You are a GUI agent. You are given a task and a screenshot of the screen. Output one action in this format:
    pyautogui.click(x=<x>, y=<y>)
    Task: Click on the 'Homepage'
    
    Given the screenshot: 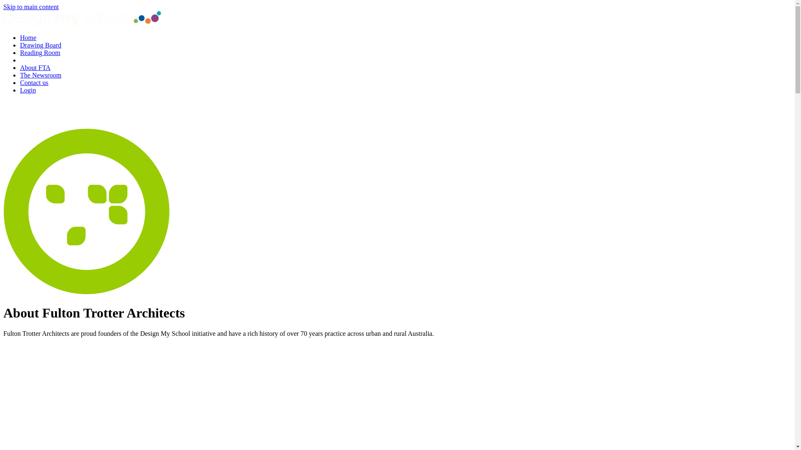 What is the action you would take?
    pyautogui.click(x=82, y=23)
    